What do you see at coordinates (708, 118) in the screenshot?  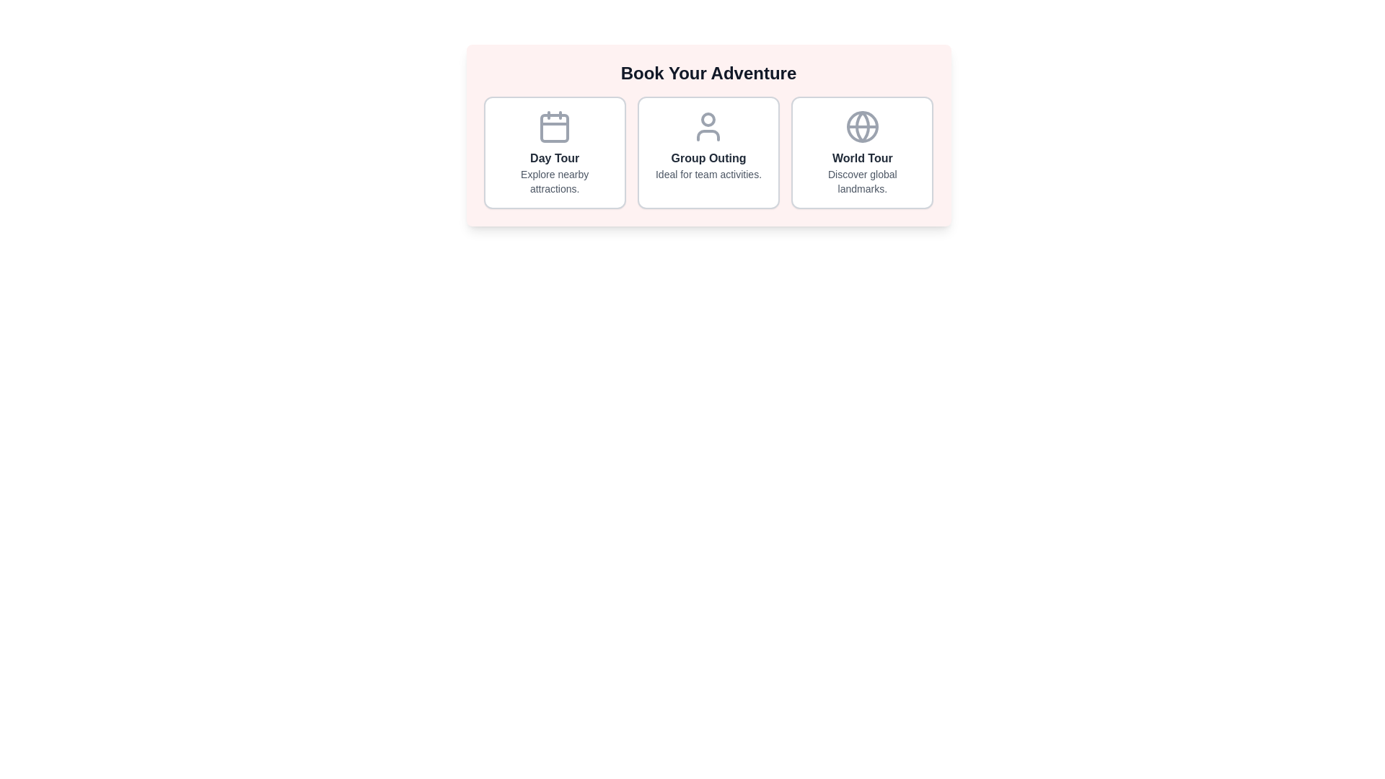 I see `the smaller circular component at the top portion of the user icon representation, which serves as a graphical detail within the user icon` at bounding box center [708, 118].